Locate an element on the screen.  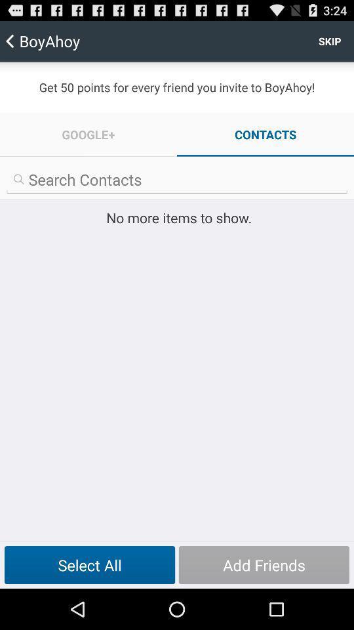
the button next to select all button is located at coordinates (264, 564).